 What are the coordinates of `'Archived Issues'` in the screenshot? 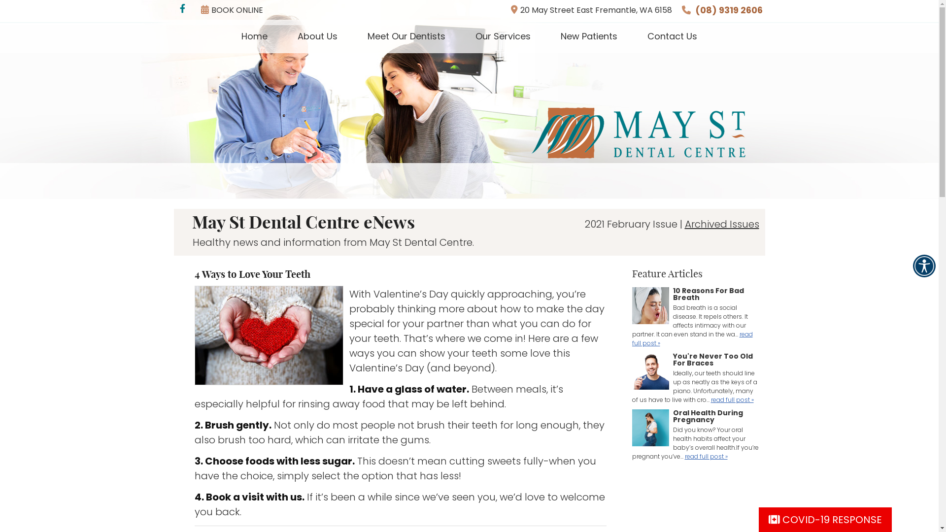 It's located at (722, 224).